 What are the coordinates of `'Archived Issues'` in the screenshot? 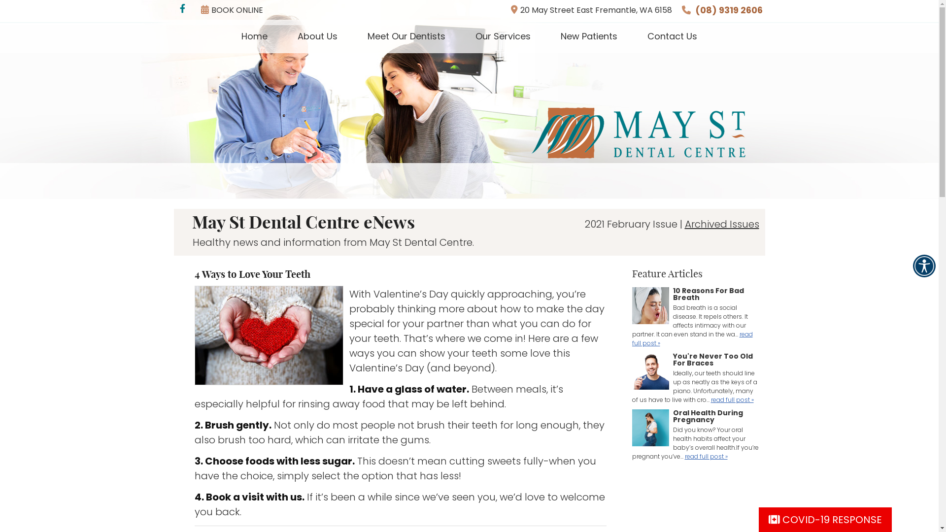 It's located at (722, 224).